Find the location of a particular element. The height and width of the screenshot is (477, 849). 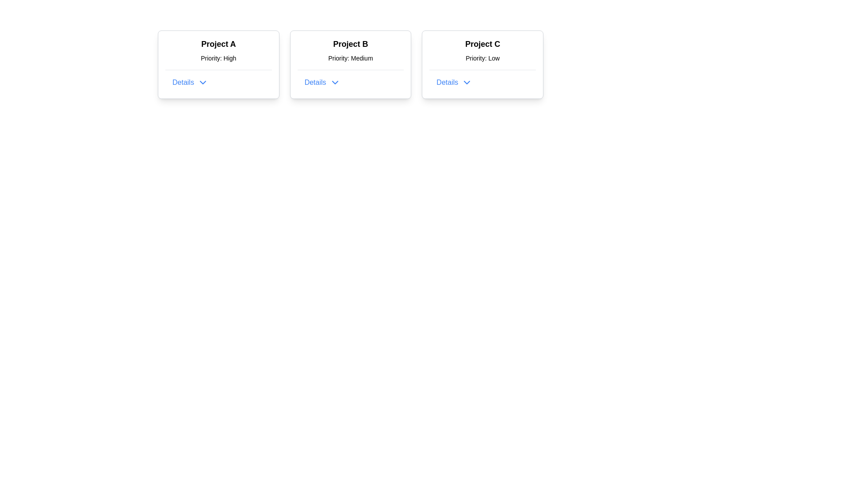

the blue downward-pointing chevron icon adjacent to the 'Details' label in the 'Project B' card is located at coordinates (334, 82).